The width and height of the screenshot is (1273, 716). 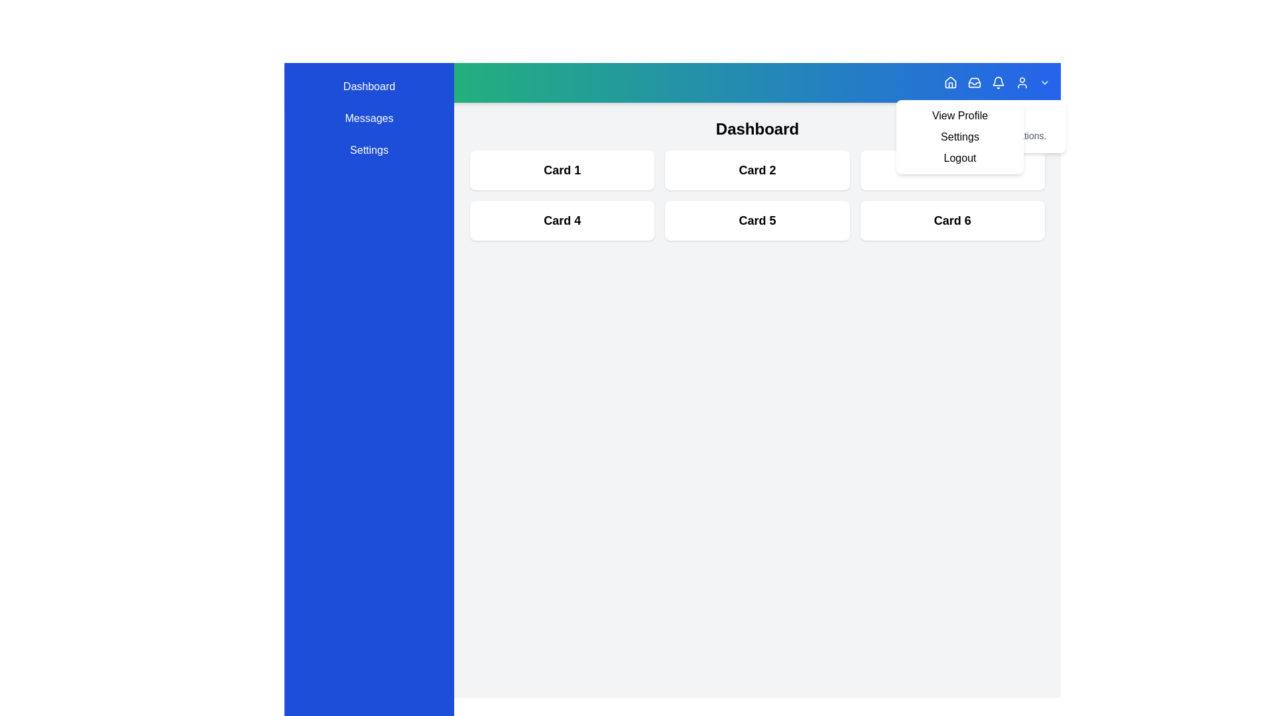 I want to click on the 'Settings' navigation item located in the dropdown menu, so click(x=960, y=137).